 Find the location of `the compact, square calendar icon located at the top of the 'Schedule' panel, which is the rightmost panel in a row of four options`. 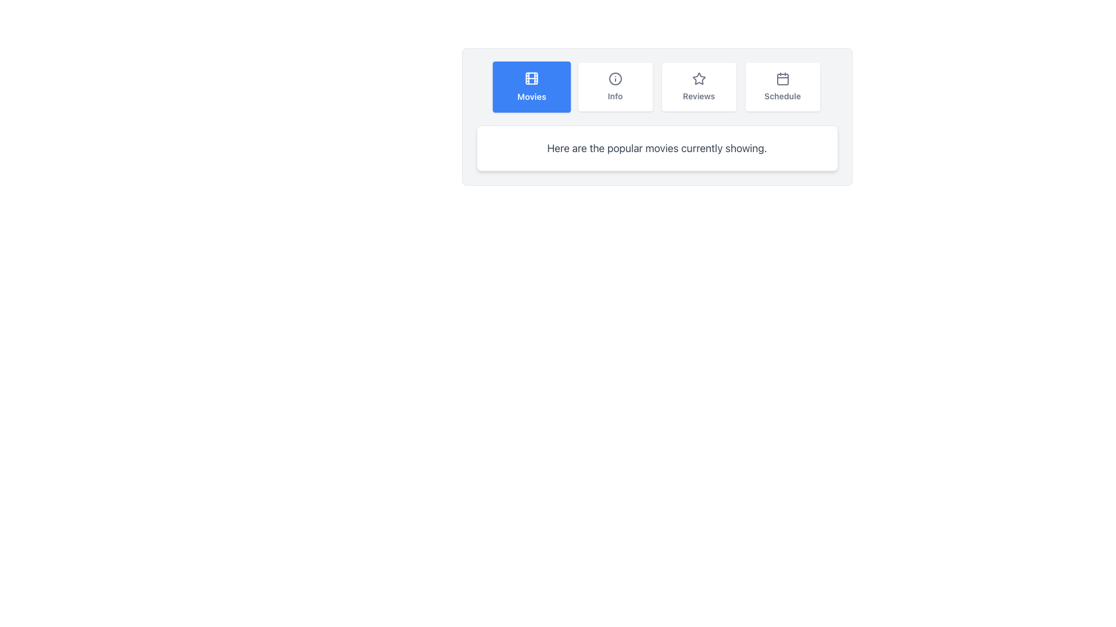

the compact, square calendar icon located at the top of the 'Schedule' panel, which is the rightmost panel in a row of four options is located at coordinates (782, 78).